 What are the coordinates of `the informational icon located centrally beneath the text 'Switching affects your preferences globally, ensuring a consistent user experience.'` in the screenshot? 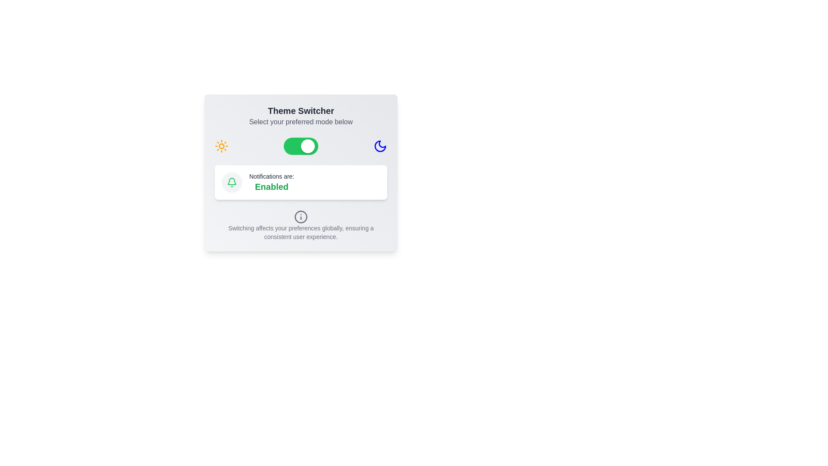 It's located at (301, 216).